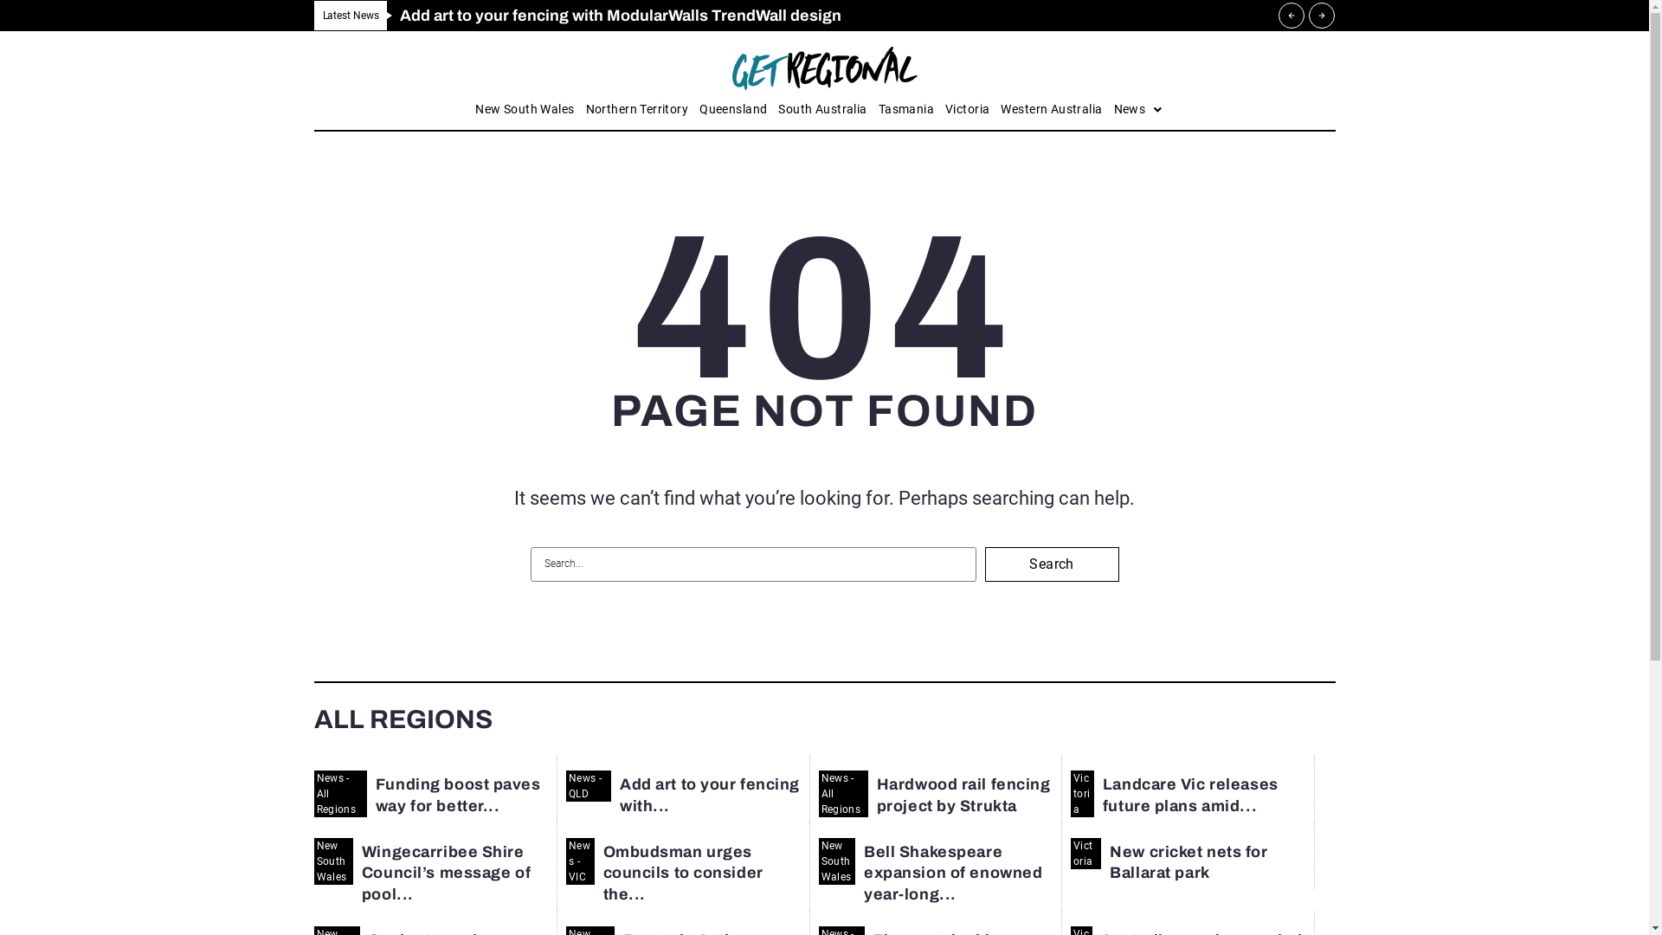  Describe the element at coordinates (951, 873) in the screenshot. I see `'Bell Shakespeare expansion of enowned year-long...'` at that location.